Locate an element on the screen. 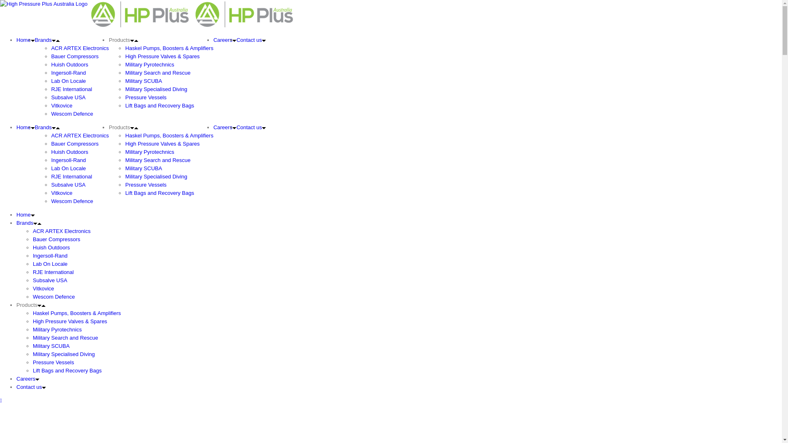 Image resolution: width=788 pixels, height=443 pixels. 'Contact us' is located at coordinates (31, 387).